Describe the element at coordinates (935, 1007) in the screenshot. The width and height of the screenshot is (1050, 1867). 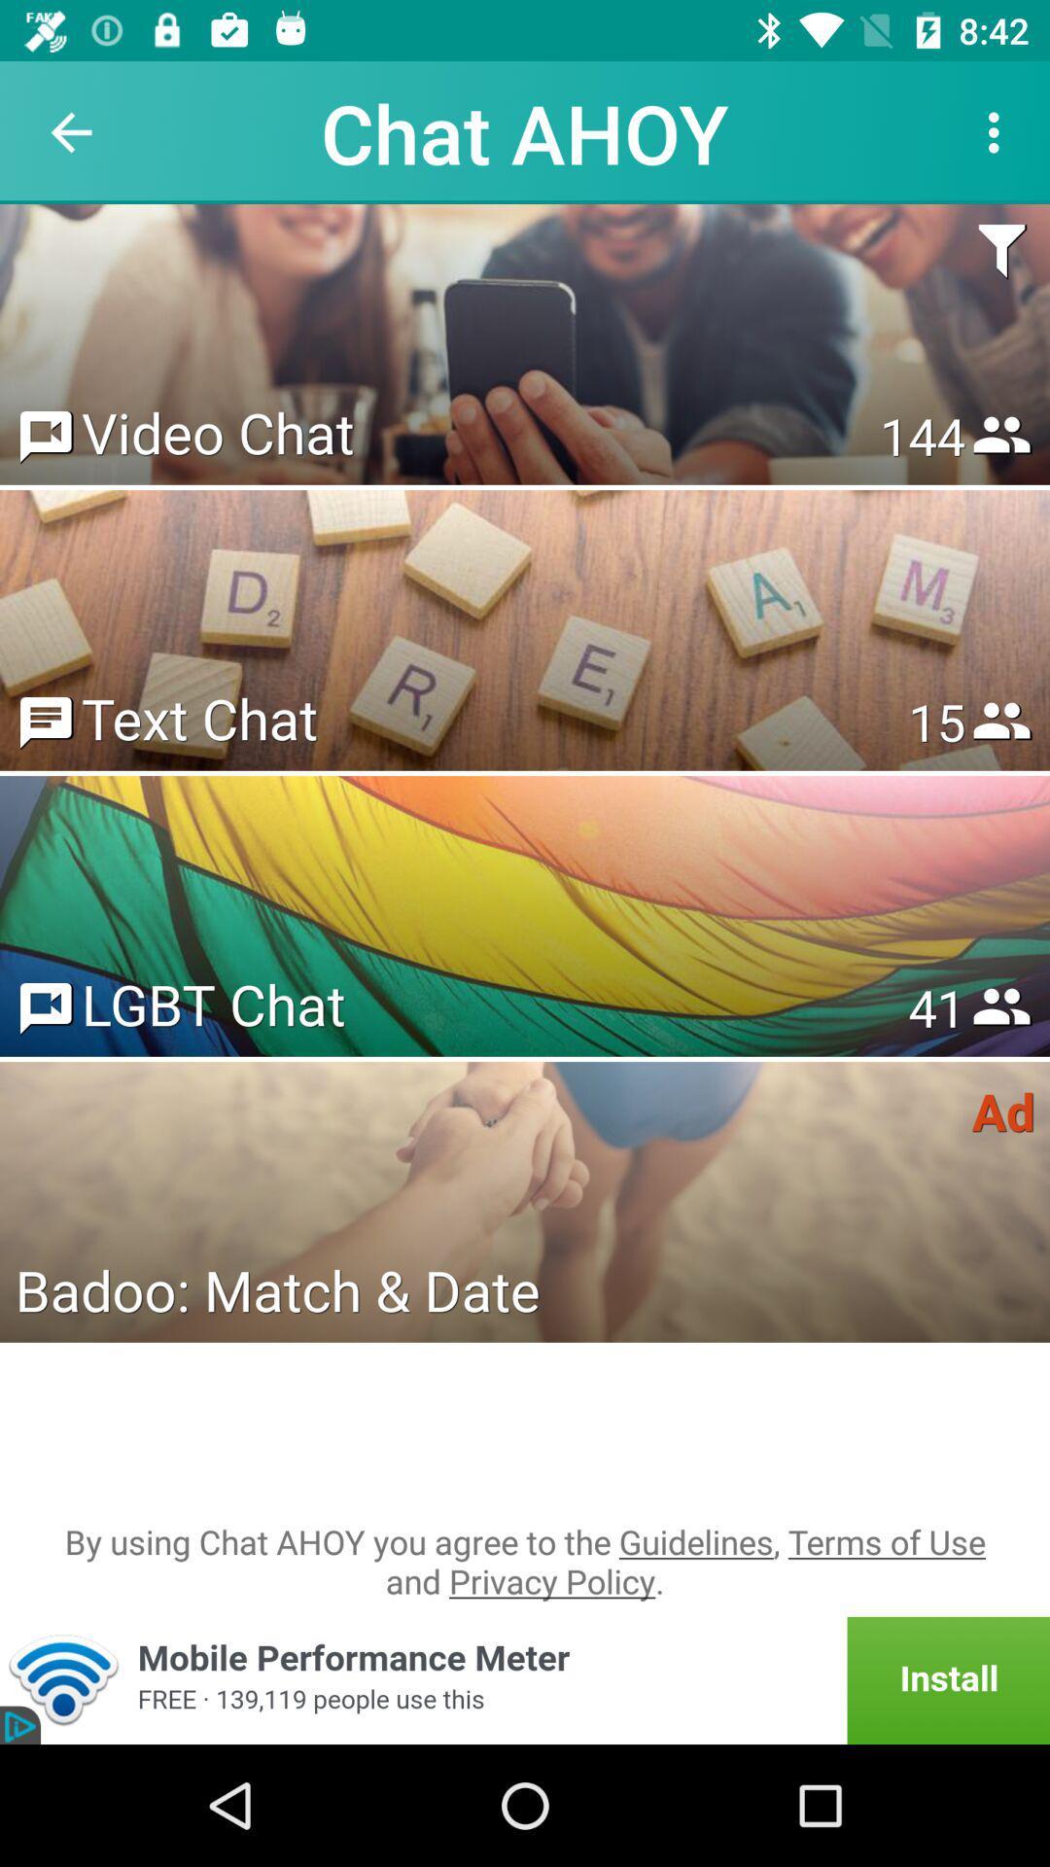
I see `the 53 icon` at that location.